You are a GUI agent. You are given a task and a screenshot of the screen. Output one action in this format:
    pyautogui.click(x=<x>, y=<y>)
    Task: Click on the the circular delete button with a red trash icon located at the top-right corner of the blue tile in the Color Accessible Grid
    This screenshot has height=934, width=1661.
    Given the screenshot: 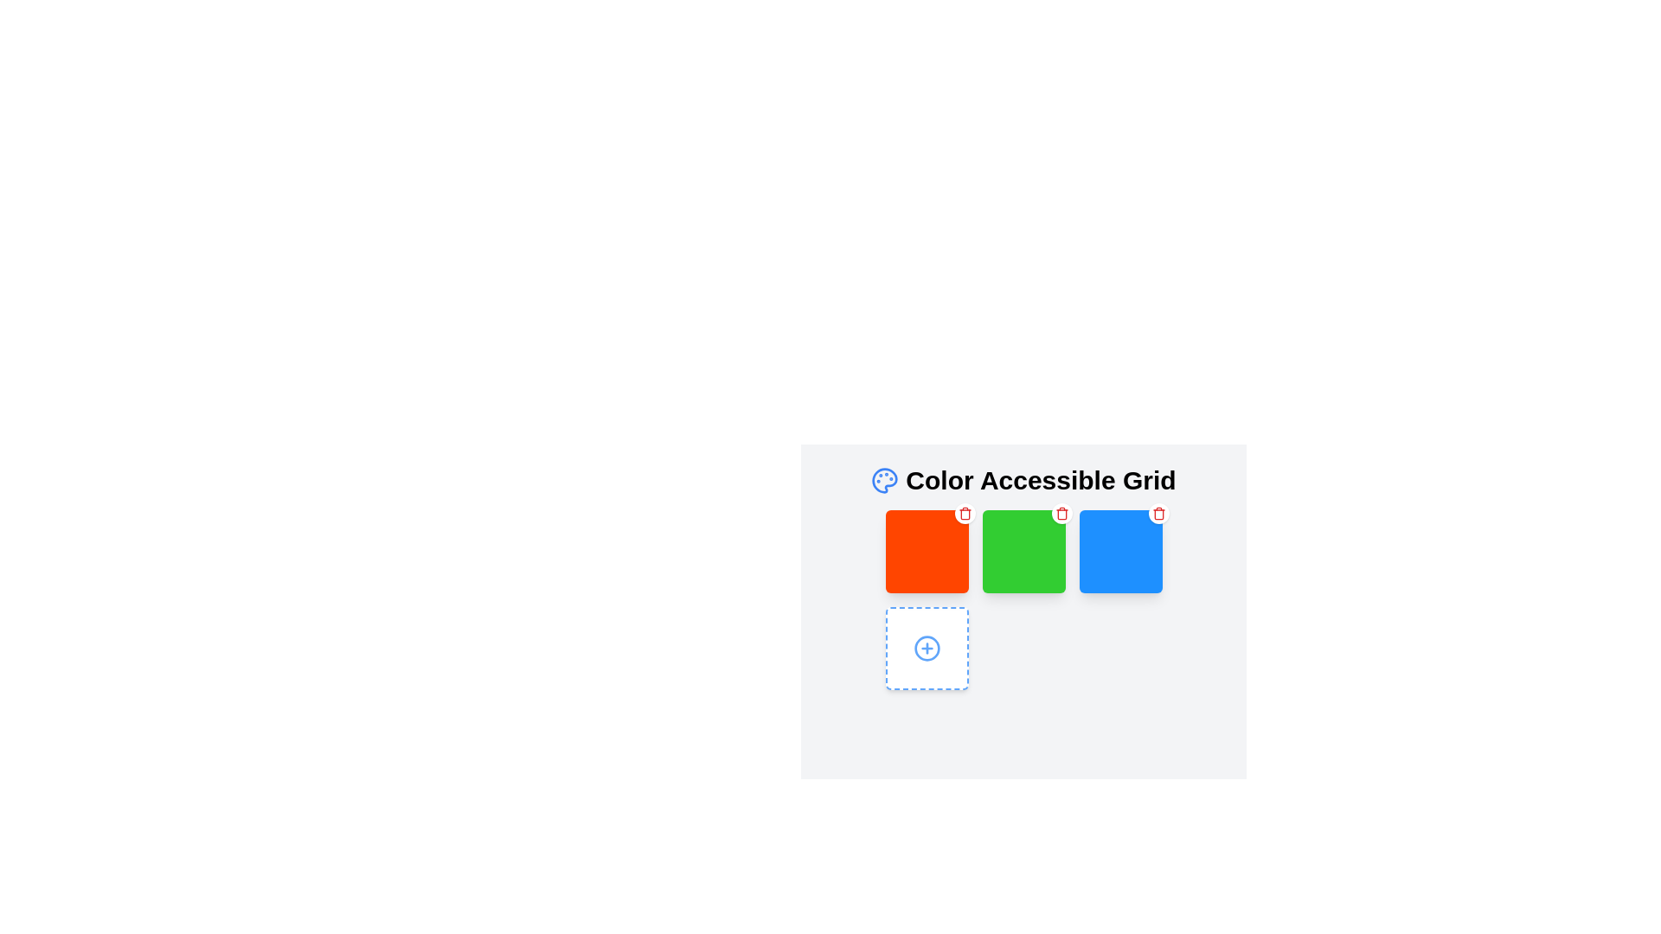 What is the action you would take?
    pyautogui.click(x=1158, y=513)
    